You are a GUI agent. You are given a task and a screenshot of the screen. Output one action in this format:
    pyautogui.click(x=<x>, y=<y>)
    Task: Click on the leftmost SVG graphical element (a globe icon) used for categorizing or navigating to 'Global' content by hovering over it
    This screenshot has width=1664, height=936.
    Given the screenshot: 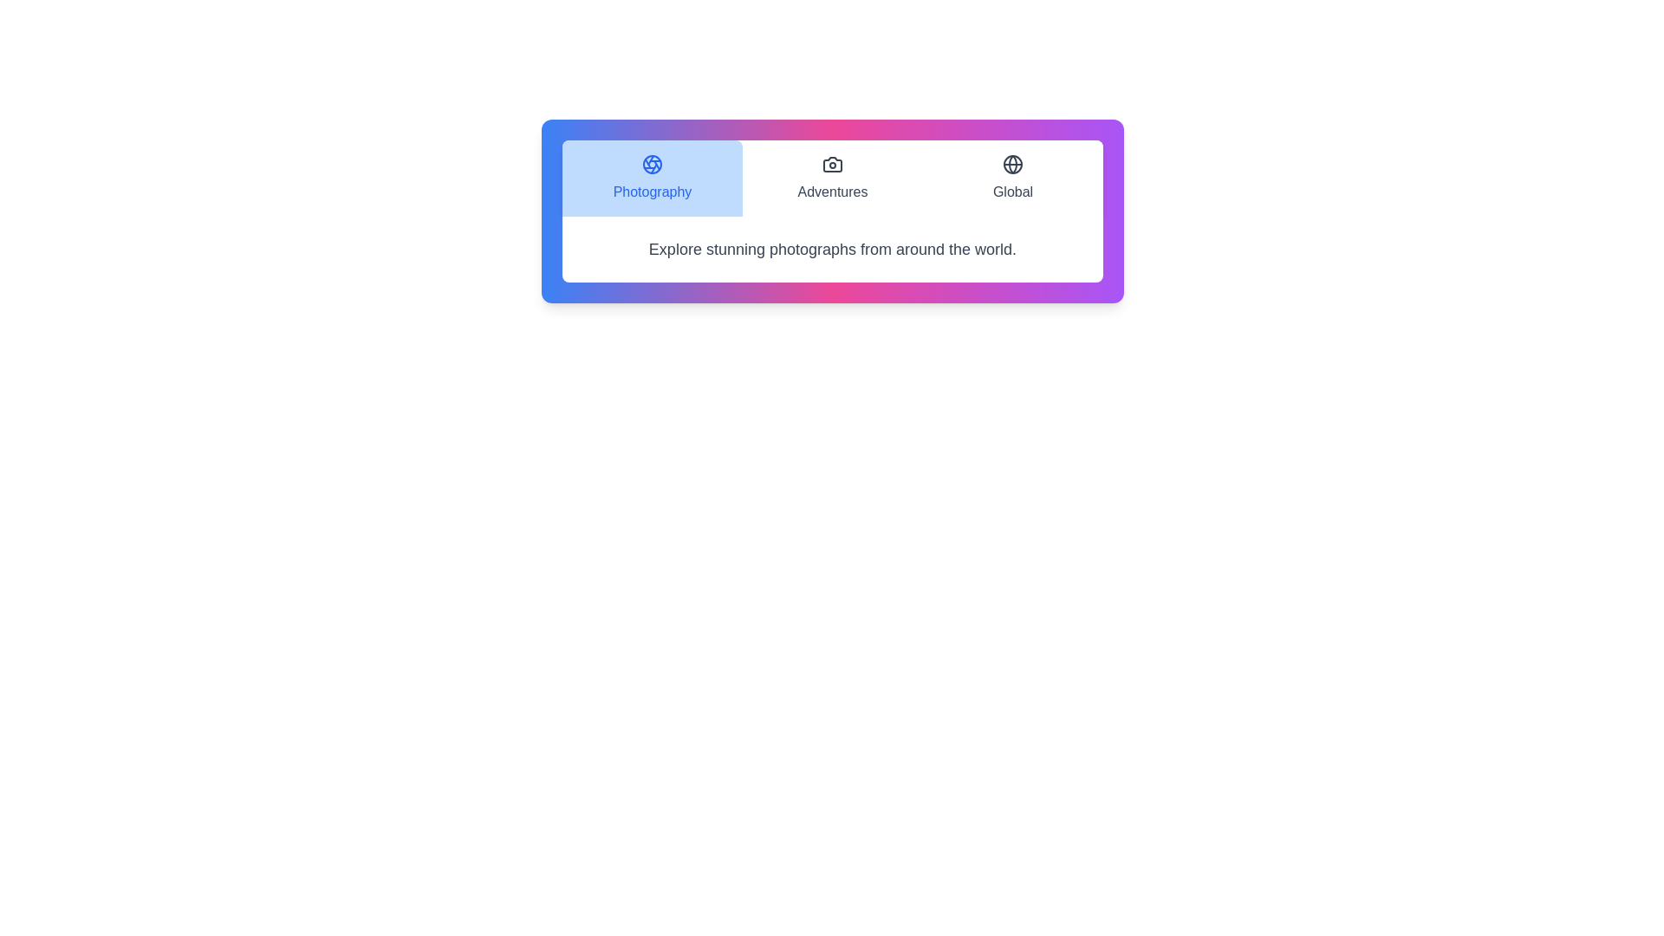 What is the action you would take?
    pyautogui.click(x=1013, y=164)
    